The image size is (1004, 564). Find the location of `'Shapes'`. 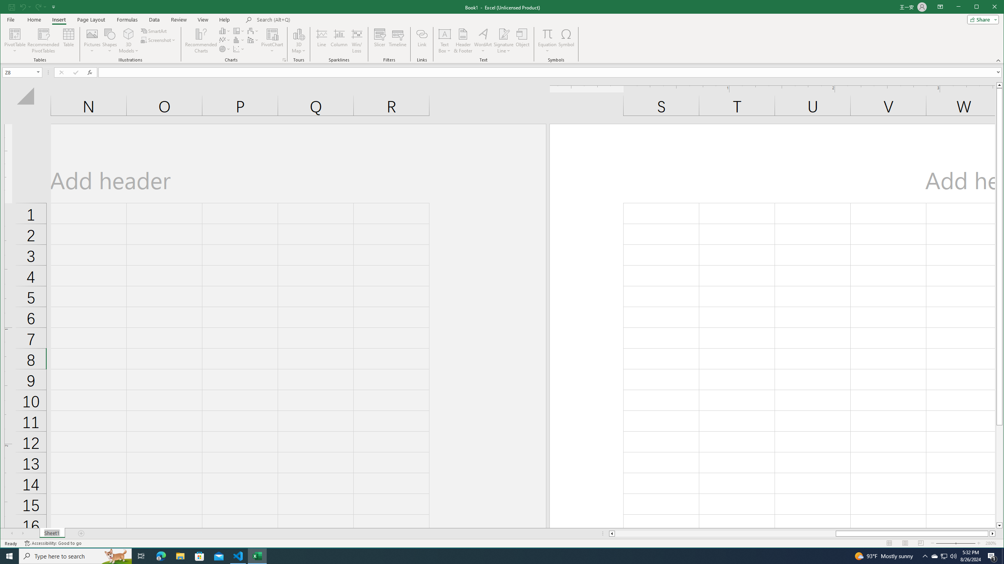

'Shapes' is located at coordinates (128, 40).